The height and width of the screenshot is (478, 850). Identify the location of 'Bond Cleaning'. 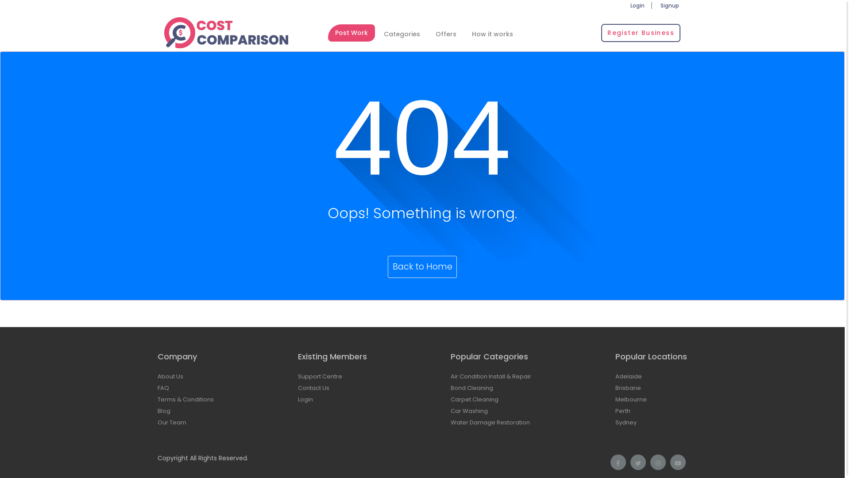
(471, 387).